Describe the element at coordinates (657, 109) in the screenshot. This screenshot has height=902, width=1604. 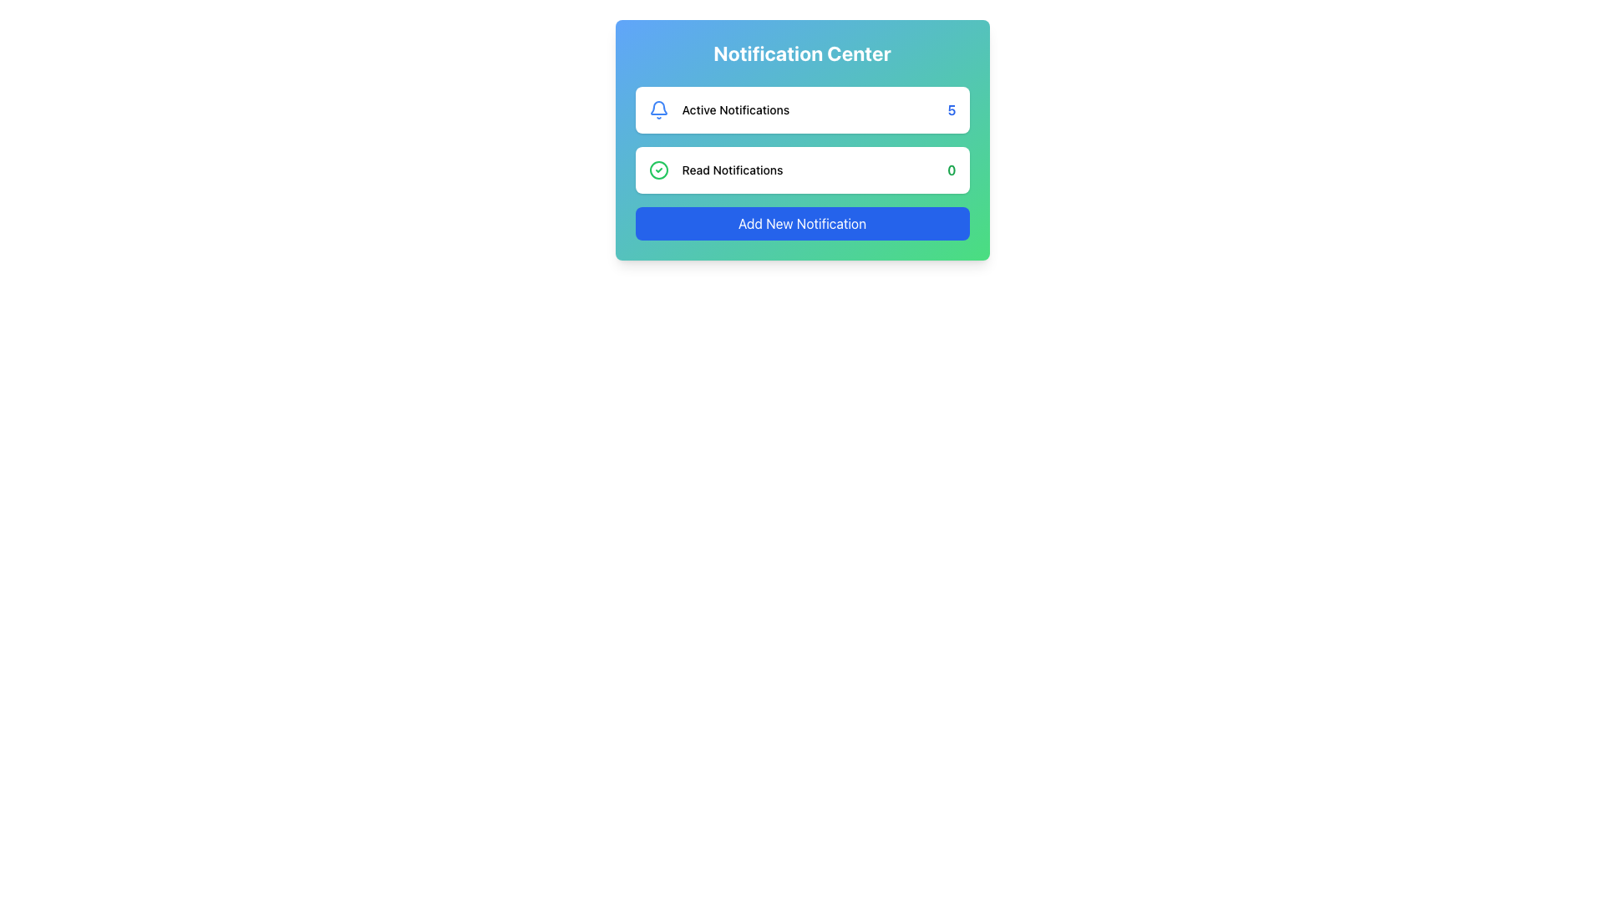
I see `the 'Active Notifications' section by clicking on the notification icon positioned to the left of the text 'Active Notifications'` at that location.